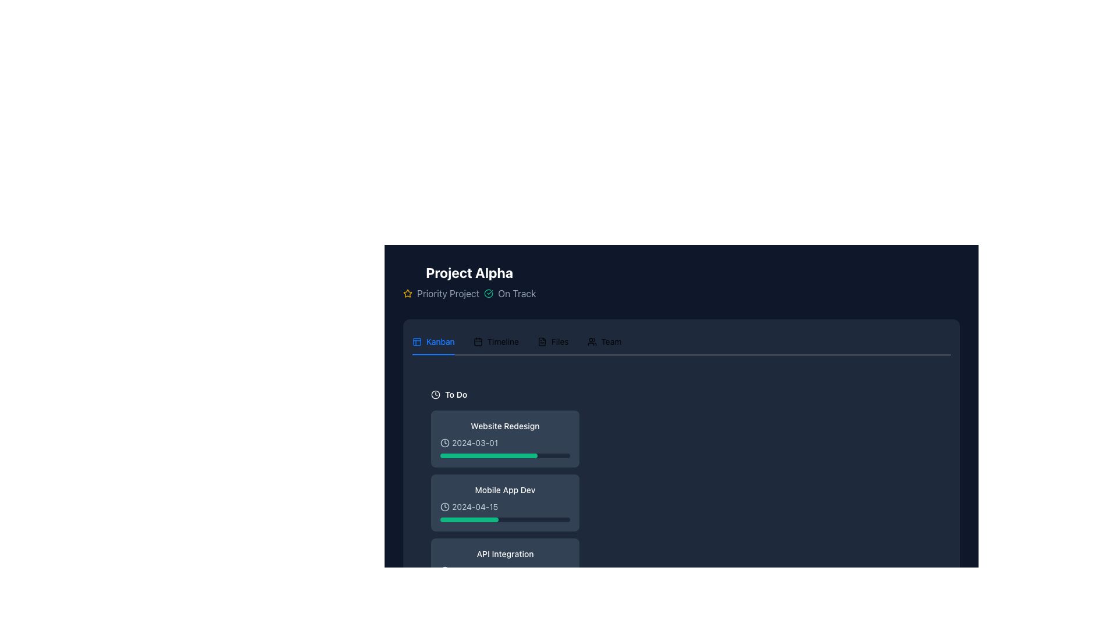 The width and height of the screenshot is (1117, 628). Describe the element at coordinates (475, 570) in the screenshot. I see `the static text label that displays the date for the 'API Integration' task located under the 'API Integration' card in the 'To Do' section of the 'Kanban' view, aligned to the right of a clock icon` at that location.